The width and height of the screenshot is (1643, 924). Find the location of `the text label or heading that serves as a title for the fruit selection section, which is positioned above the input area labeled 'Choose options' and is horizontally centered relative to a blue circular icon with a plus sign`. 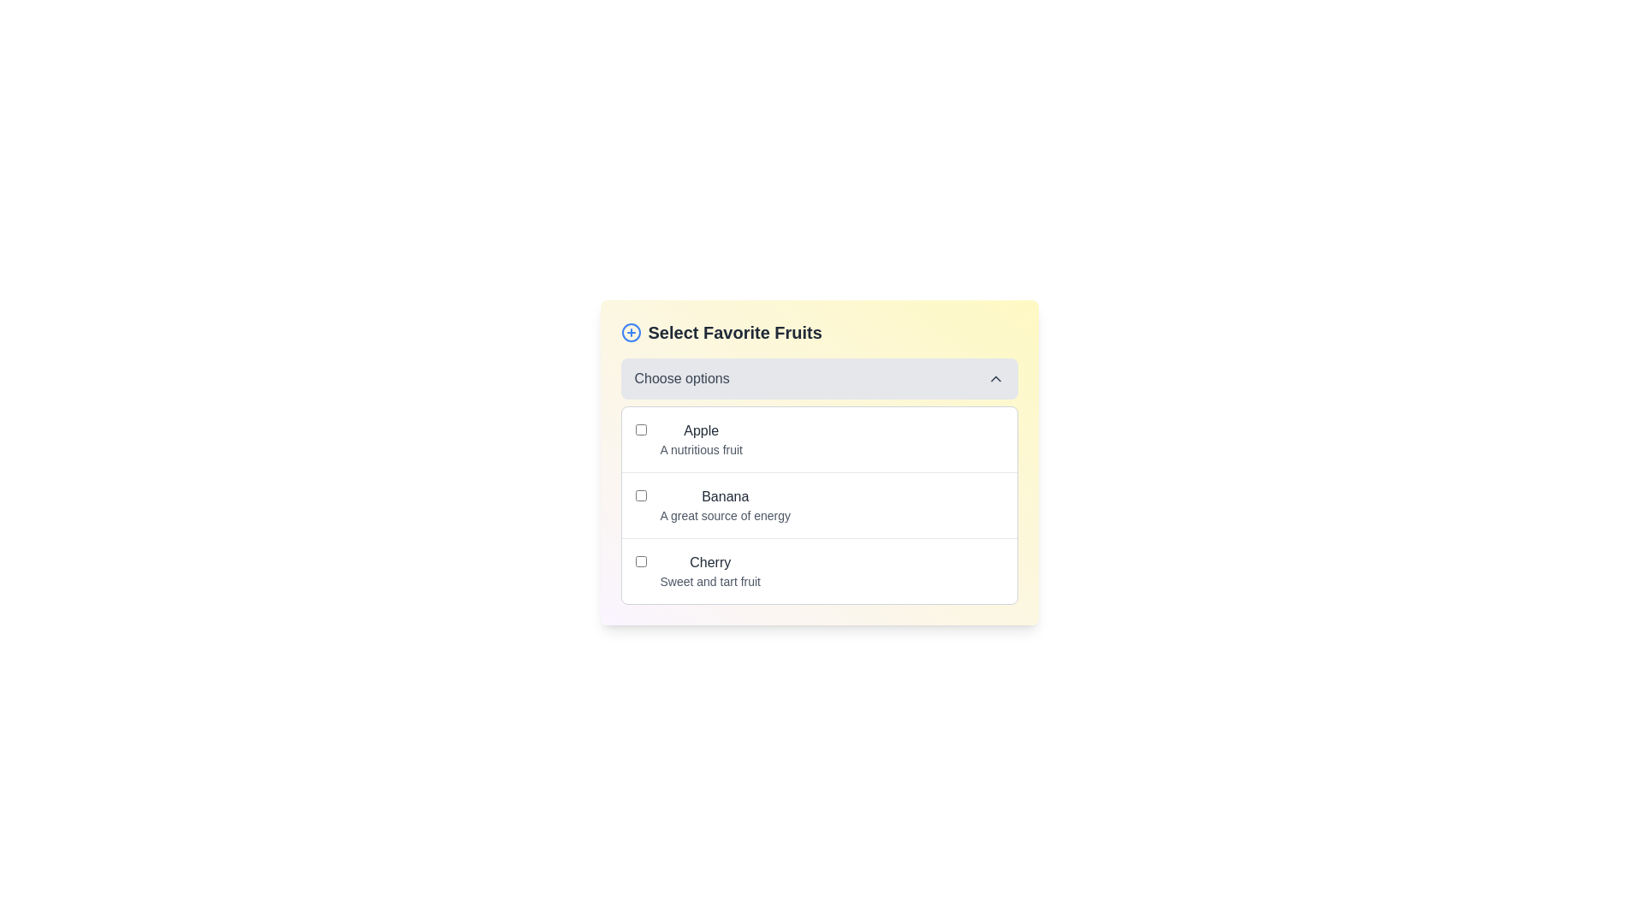

the text label or heading that serves as a title for the fruit selection section, which is positioned above the input area labeled 'Choose options' and is horizontally centered relative to a blue circular icon with a plus sign is located at coordinates (735, 333).